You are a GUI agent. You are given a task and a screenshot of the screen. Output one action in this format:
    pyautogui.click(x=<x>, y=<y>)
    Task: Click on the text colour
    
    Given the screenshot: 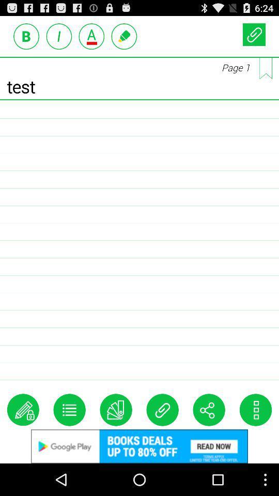 What is the action you would take?
    pyautogui.click(x=91, y=36)
    